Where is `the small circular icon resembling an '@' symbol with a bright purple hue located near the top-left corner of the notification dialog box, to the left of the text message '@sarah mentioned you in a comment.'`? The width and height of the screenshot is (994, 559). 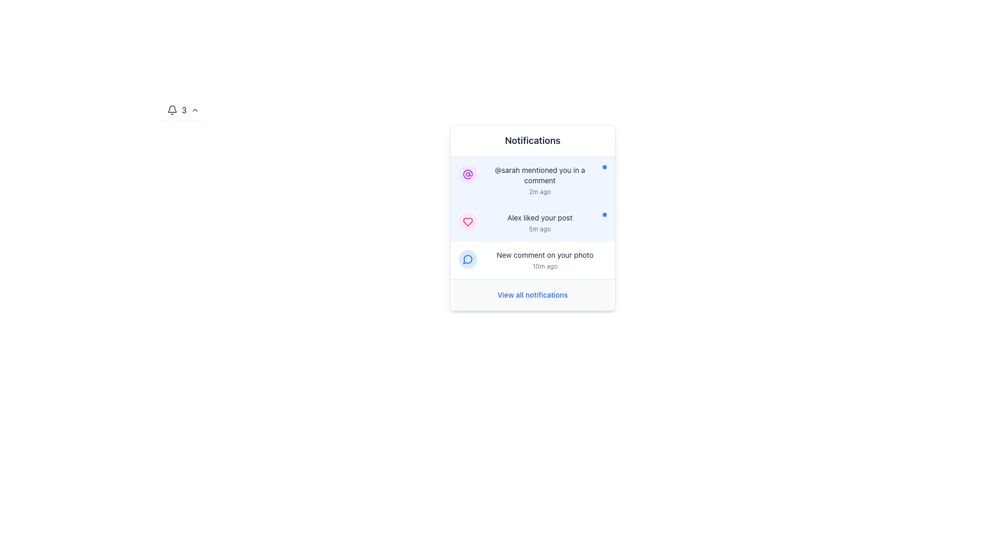 the small circular icon resembling an '@' symbol with a bright purple hue located near the top-left corner of the notification dialog box, to the left of the text message '@sarah mentioned you in a comment.' is located at coordinates (467, 173).